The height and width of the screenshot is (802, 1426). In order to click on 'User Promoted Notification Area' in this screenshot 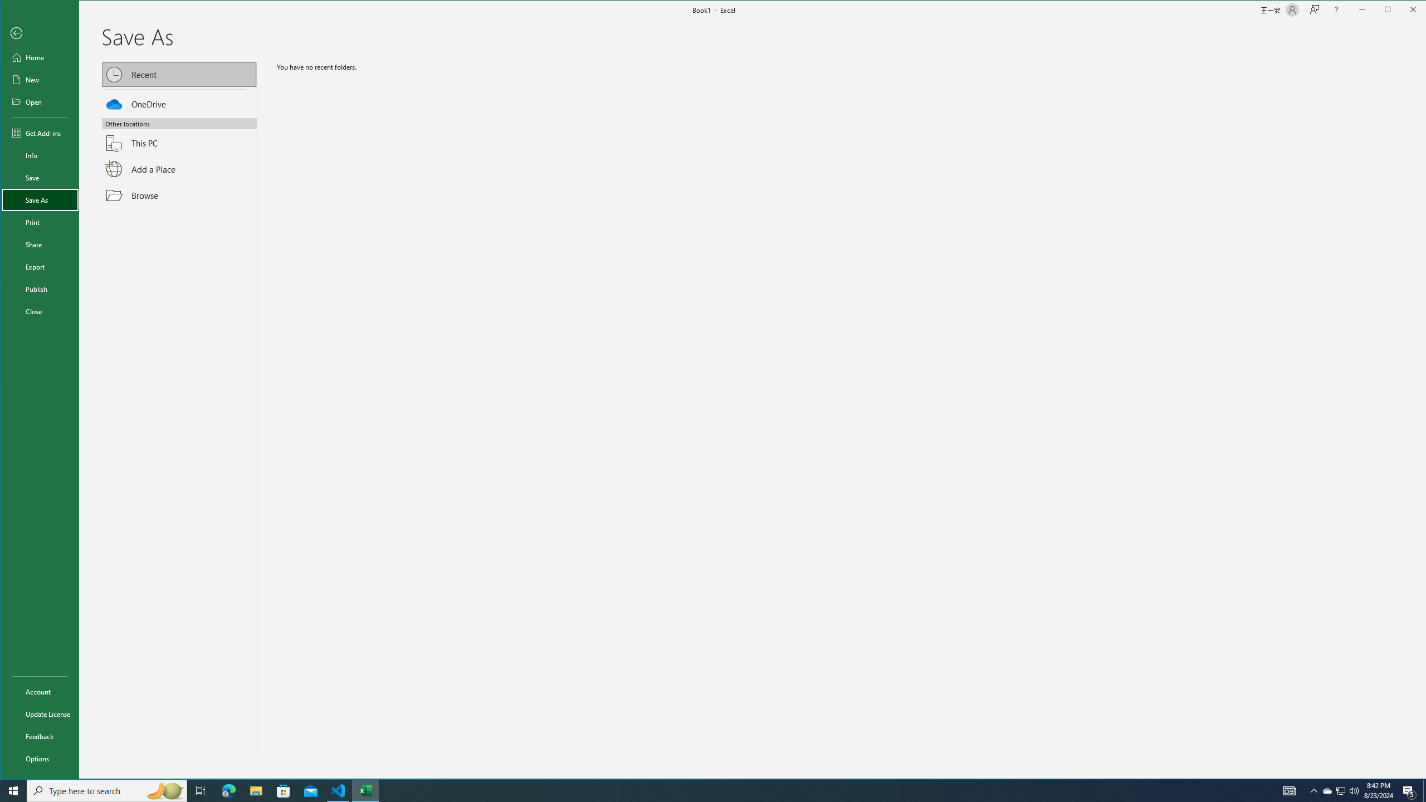, I will do `click(1340, 790)`.